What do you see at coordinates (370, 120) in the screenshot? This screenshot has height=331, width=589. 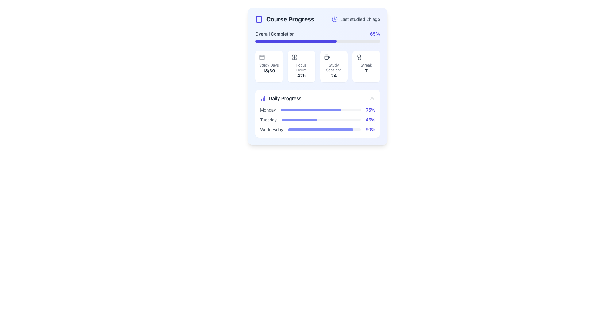 I see `value displayed in the Text Label that shows '45%' in indigo color, positioned to the right of the progress bar for Tuesday` at bounding box center [370, 120].